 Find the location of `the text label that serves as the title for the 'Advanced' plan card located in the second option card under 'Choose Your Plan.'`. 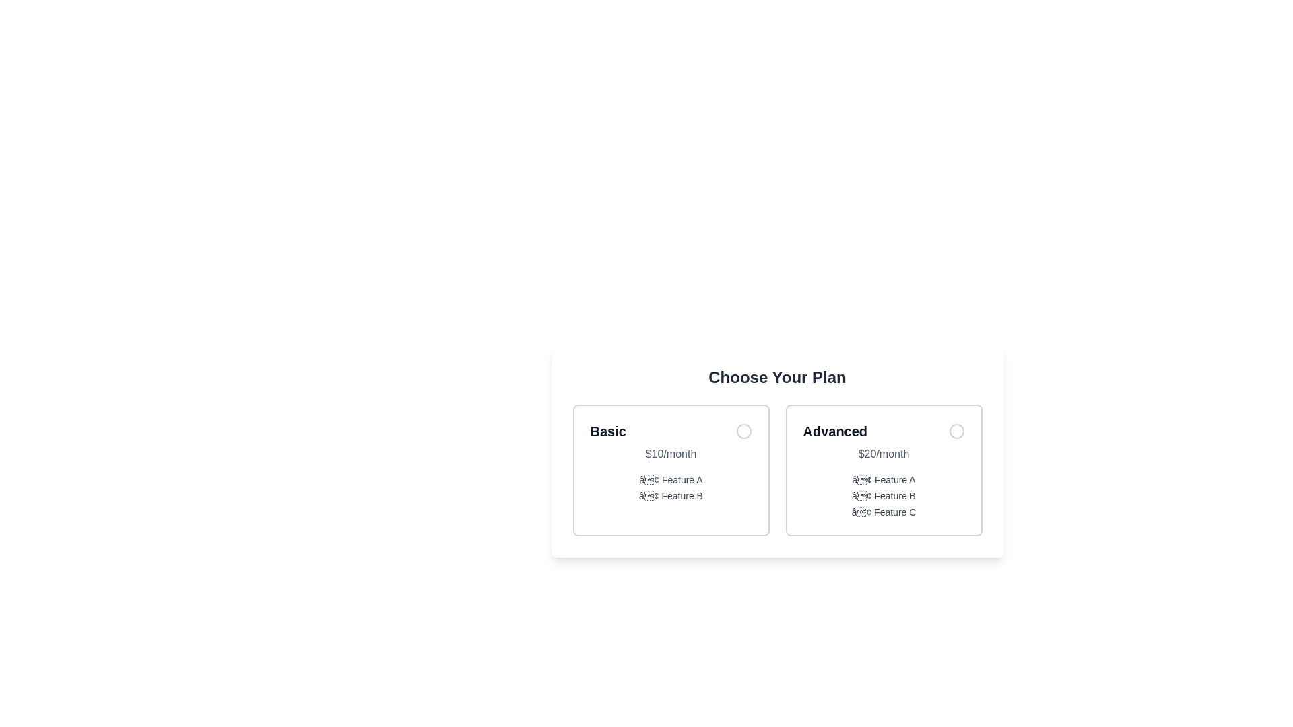

the text label that serves as the title for the 'Advanced' plan card located in the second option card under 'Choose Your Plan.' is located at coordinates (834, 431).